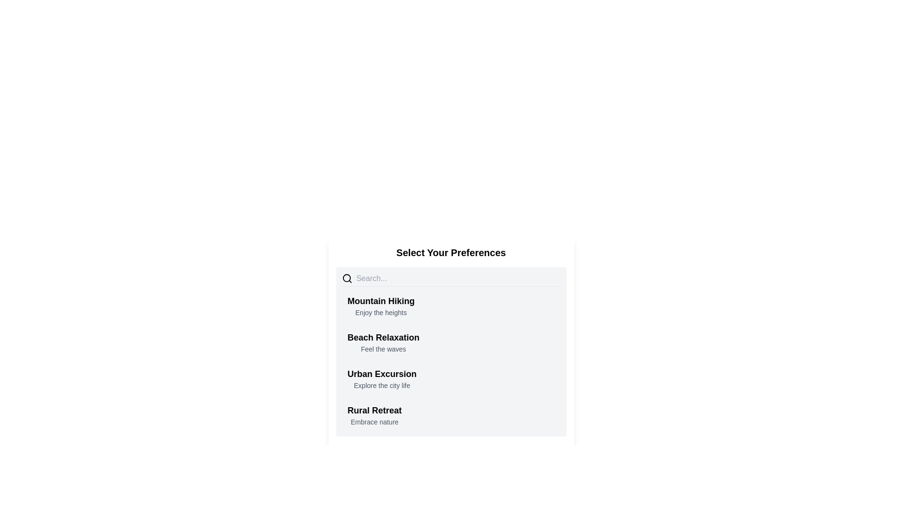  What do you see at coordinates (450, 252) in the screenshot?
I see `the bold, large-text header reading 'Select Your Preferences' that is centered within a white rectangular card at the top of the content card` at bounding box center [450, 252].